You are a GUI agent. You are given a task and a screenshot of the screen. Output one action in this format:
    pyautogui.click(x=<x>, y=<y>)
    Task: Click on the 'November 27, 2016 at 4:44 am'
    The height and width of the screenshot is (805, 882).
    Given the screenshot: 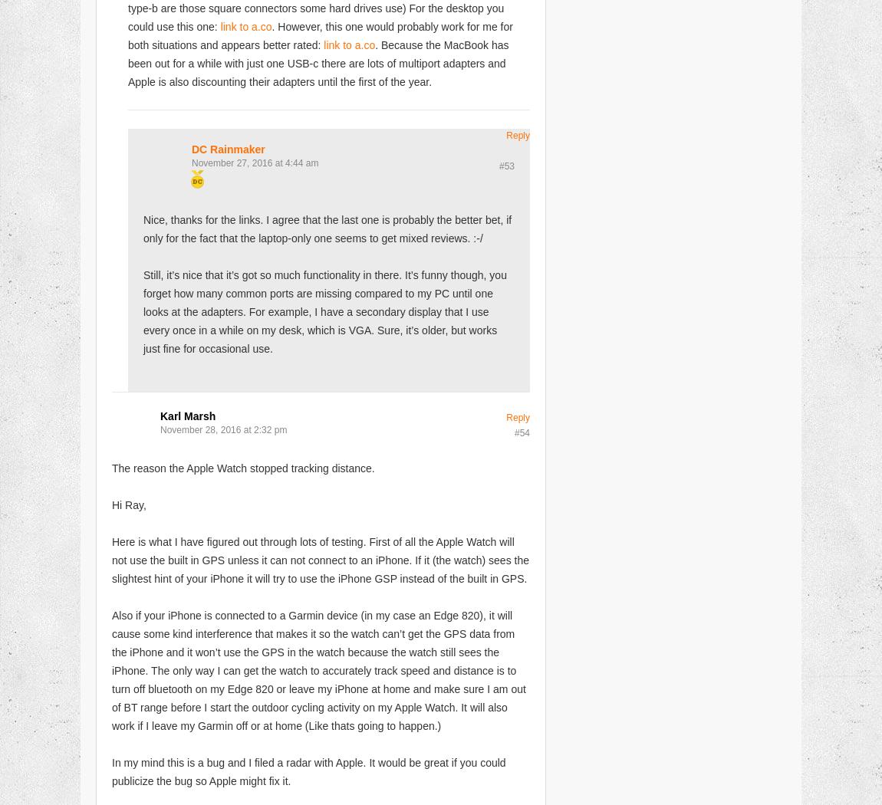 What is the action you would take?
    pyautogui.click(x=191, y=161)
    